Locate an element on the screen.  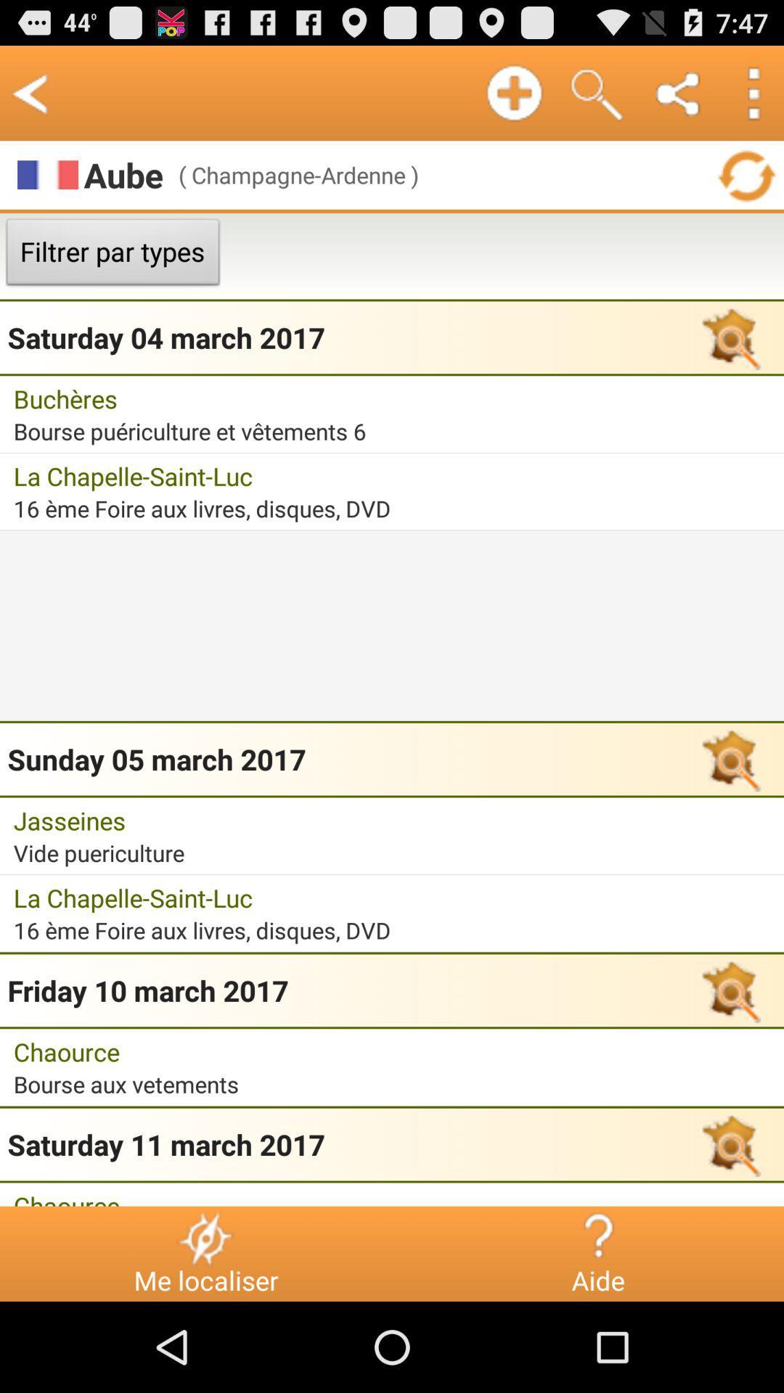
the add icon is located at coordinates (514, 92).